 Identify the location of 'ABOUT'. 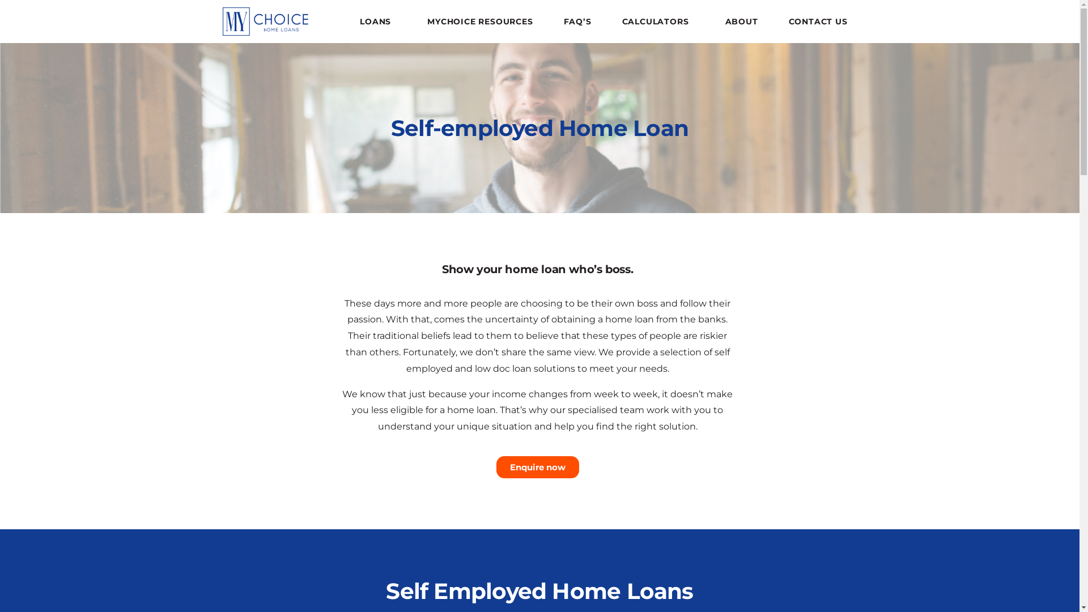
(741, 22).